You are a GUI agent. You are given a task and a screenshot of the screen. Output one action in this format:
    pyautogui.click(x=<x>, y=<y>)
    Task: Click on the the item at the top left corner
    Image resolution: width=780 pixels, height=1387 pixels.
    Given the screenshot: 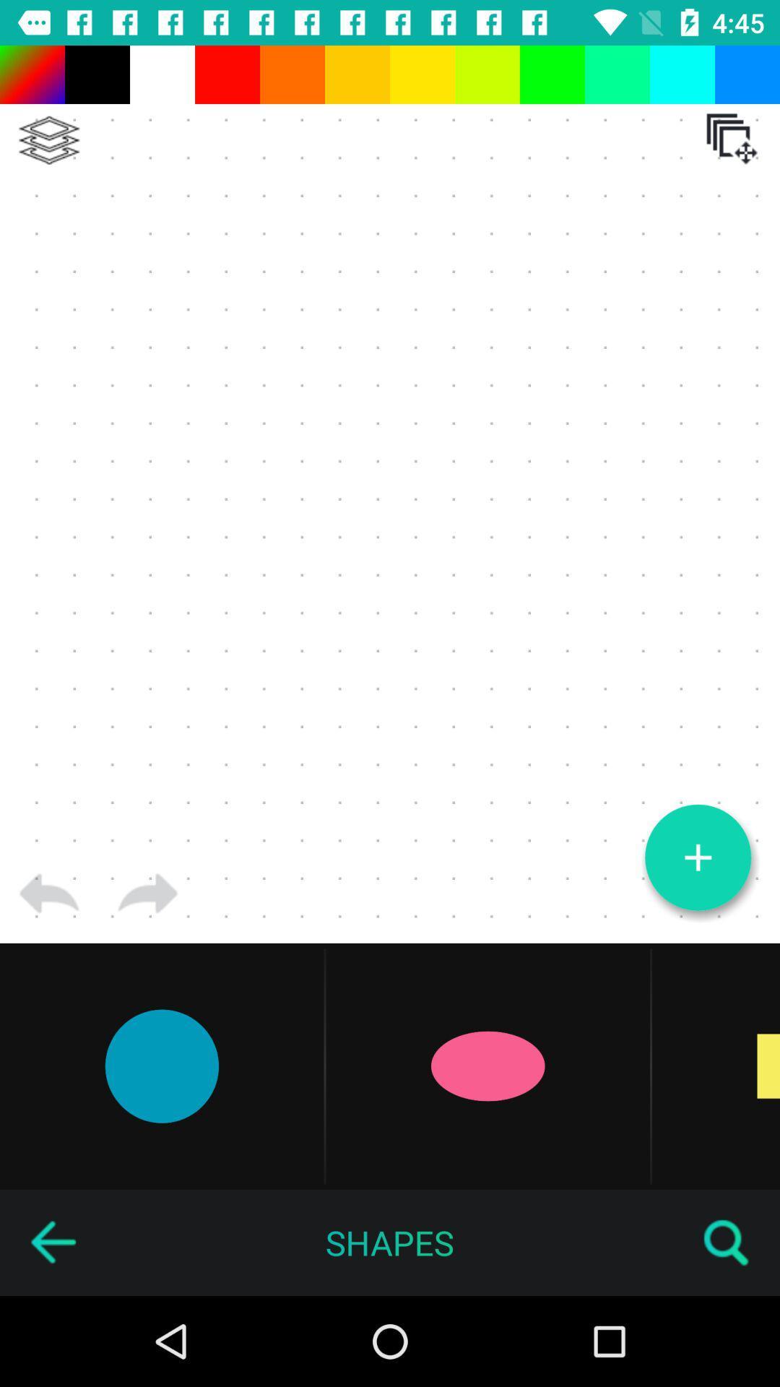 What is the action you would take?
    pyautogui.click(x=48, y=140)
    